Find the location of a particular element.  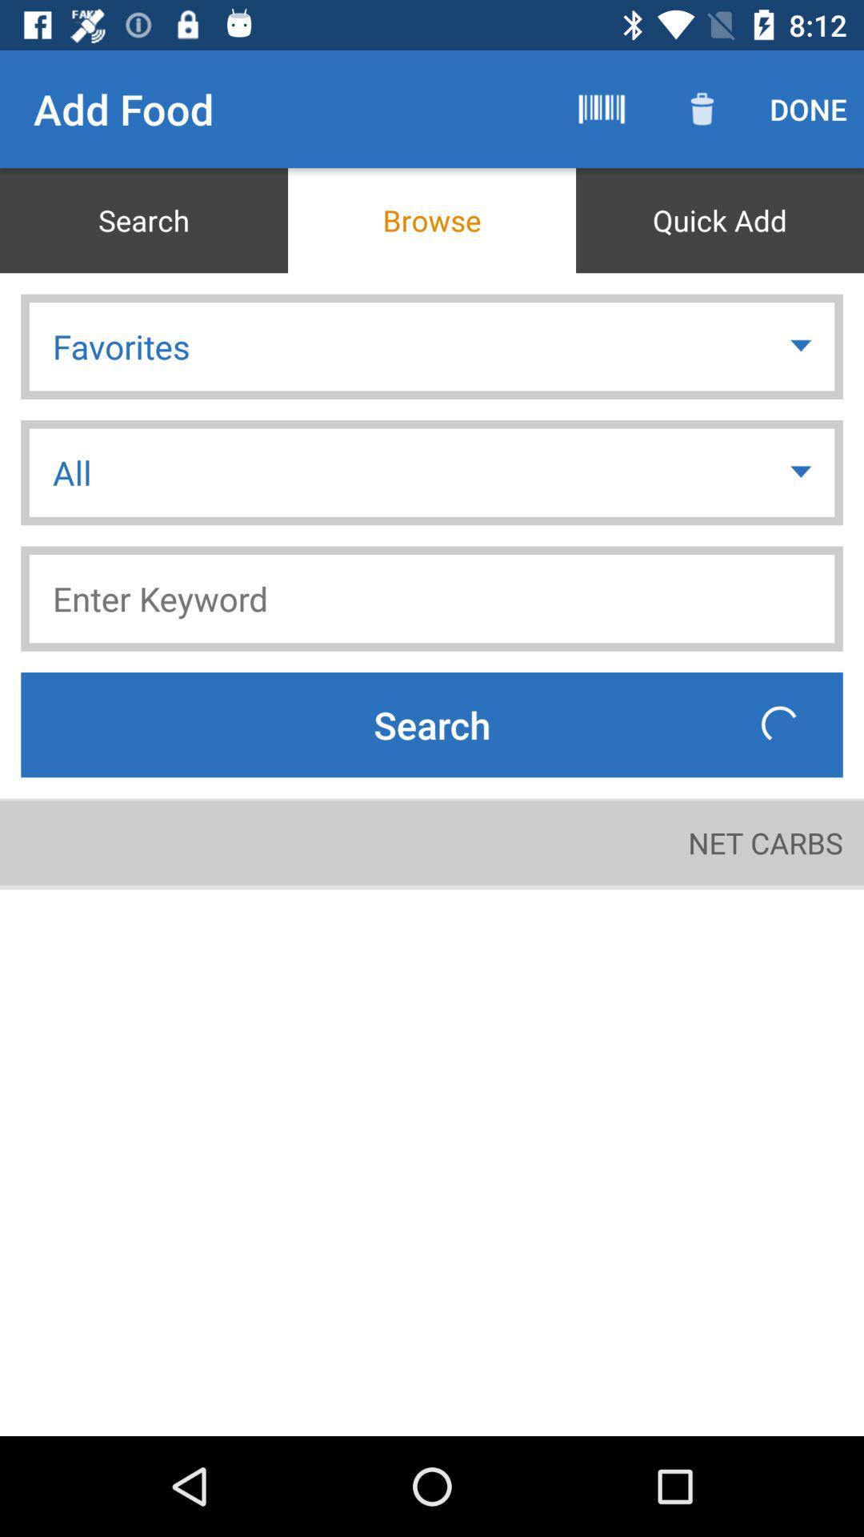

favorites item is located at coordinates (432, 346).